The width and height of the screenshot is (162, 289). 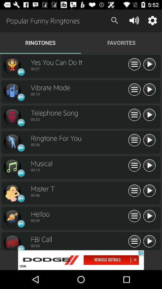 What do you see at coordinates (134, 191) in the screenshot?
I see `show all information available` at bounding box center [134, 191].